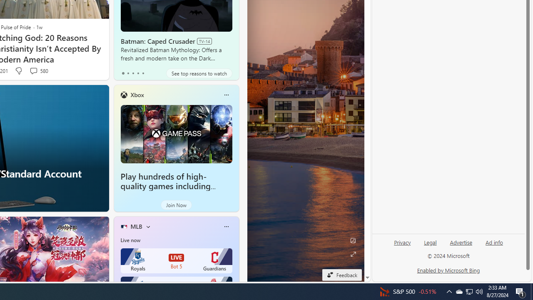 The width and height of the screenshot is (533, 300). What do you see at coordinates (138, 73) in the screenshot?
I see `'tab-3'` at bounding box center [138, 73].